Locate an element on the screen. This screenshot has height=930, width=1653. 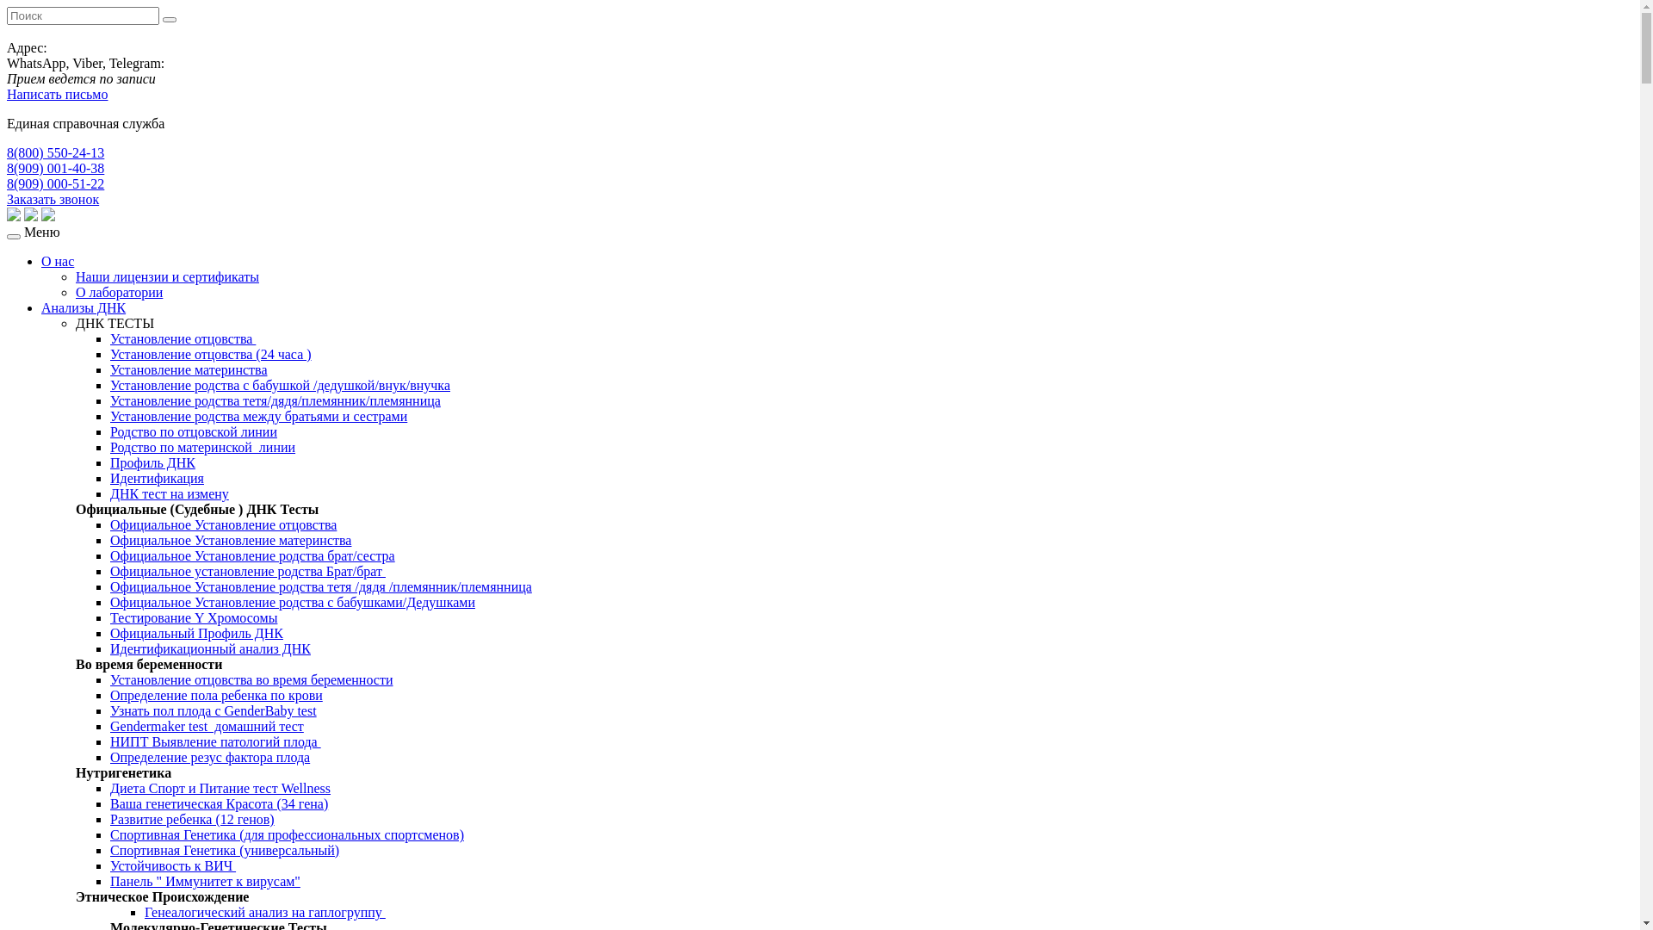
'8(909) 001-40-38' is located at coordinates (55, 168).